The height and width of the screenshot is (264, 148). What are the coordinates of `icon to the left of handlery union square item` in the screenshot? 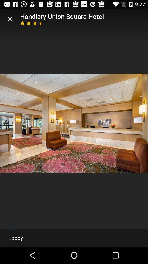 It's located at (10, 19).